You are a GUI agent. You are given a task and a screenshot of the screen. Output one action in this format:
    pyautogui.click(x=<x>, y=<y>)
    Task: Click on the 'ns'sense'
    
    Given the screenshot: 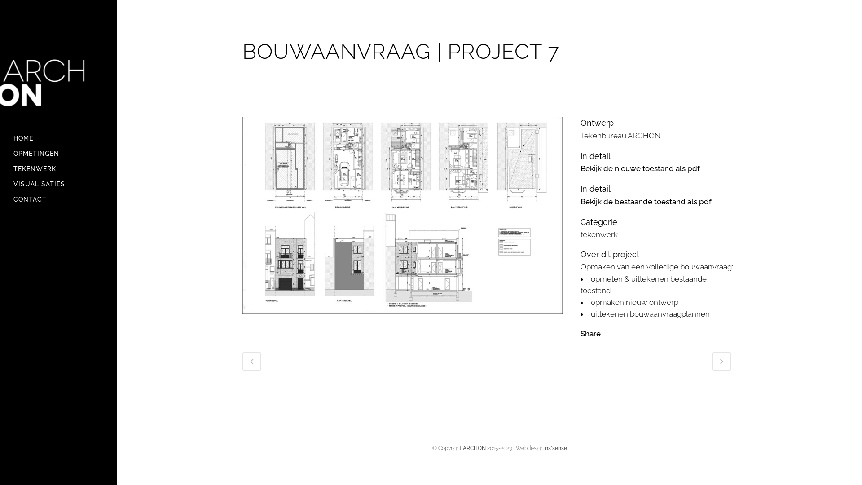 What is the action you would take?
    pyautogui.click(x=555, y=448)
    